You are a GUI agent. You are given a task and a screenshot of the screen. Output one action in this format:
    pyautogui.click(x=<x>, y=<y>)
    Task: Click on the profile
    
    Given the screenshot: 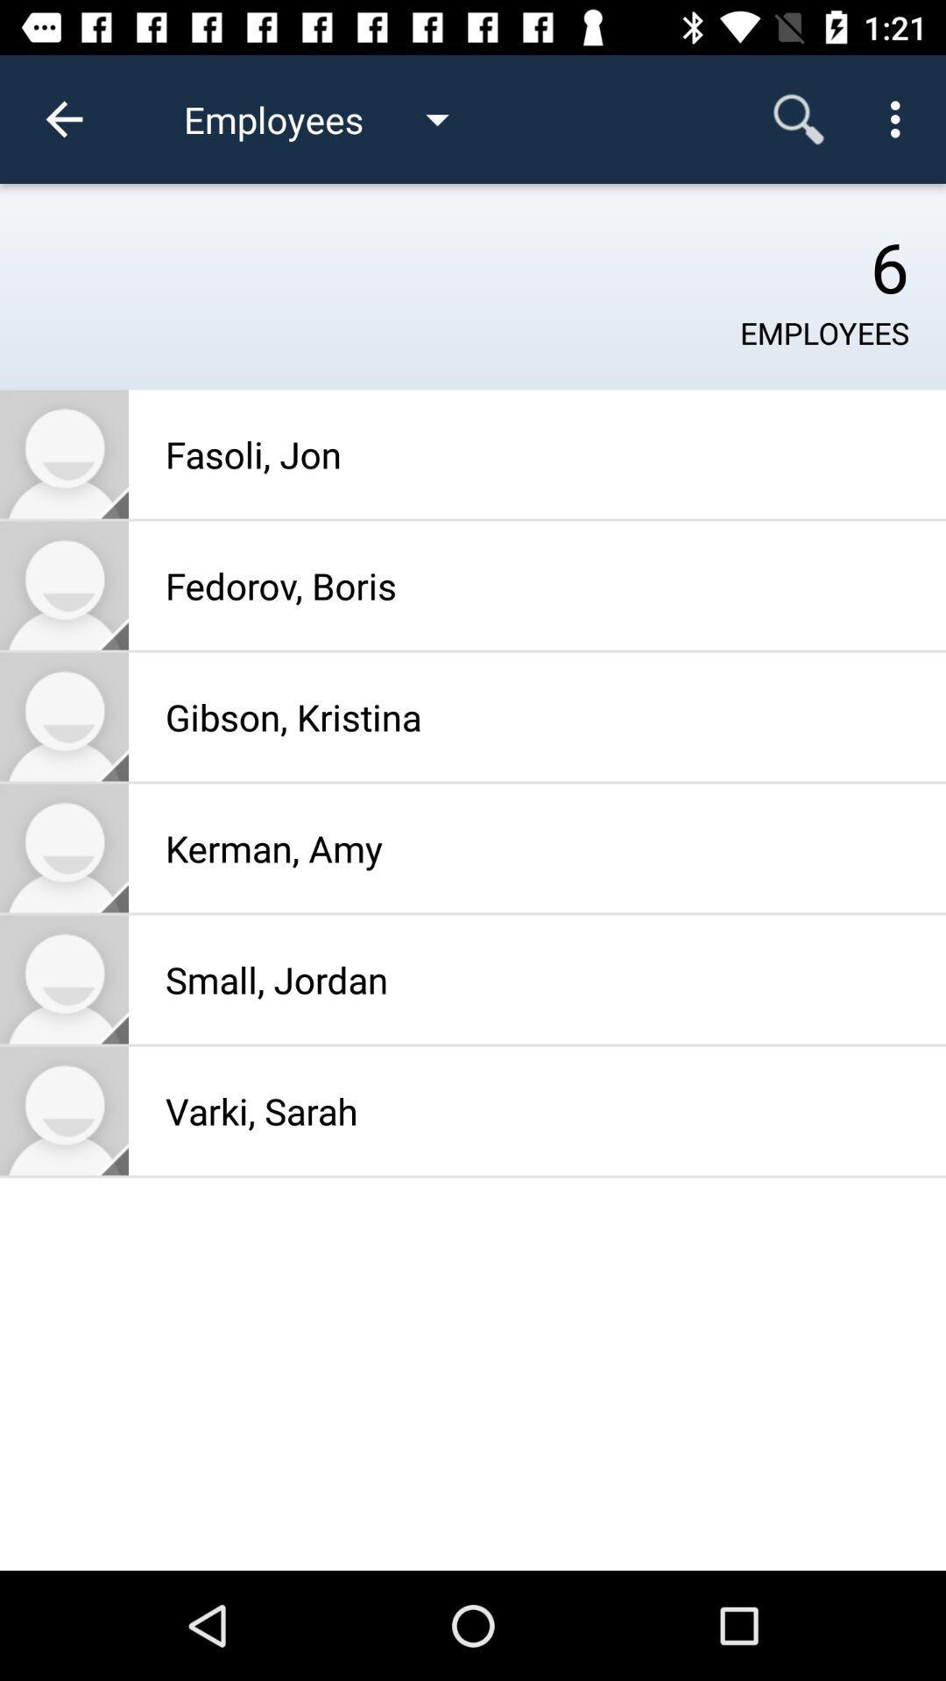 What is the action you would take?
    pyautogui.click(x=63, y=848)
    